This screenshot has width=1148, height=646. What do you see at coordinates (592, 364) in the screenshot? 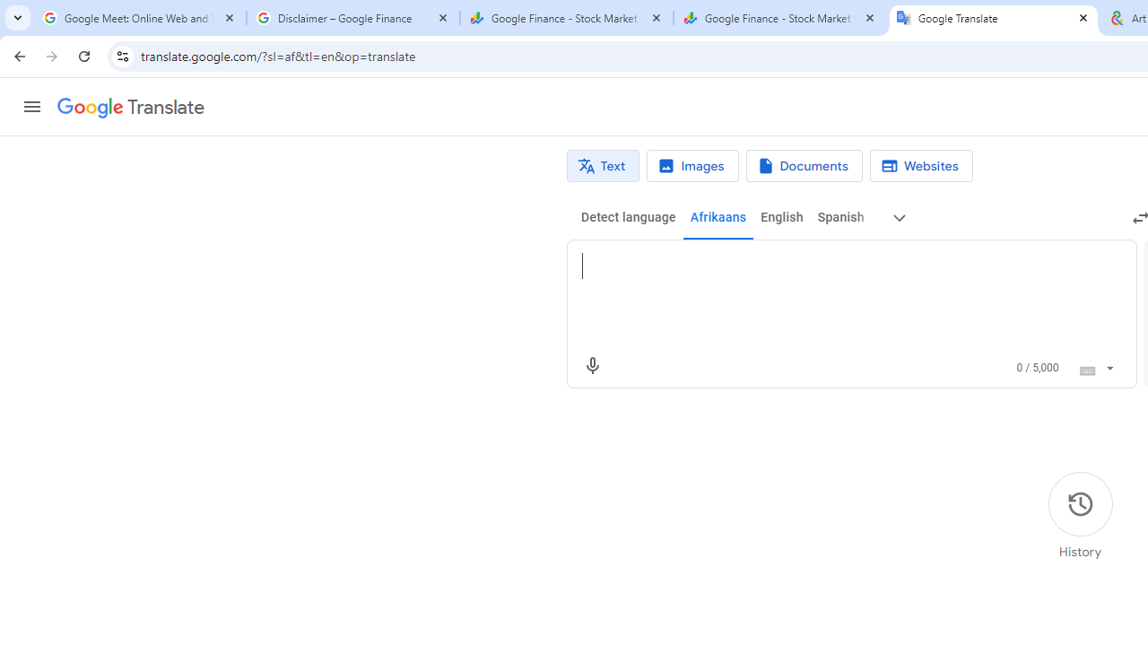
I see `'Translate by voice'` at bounding box center [592, 364].